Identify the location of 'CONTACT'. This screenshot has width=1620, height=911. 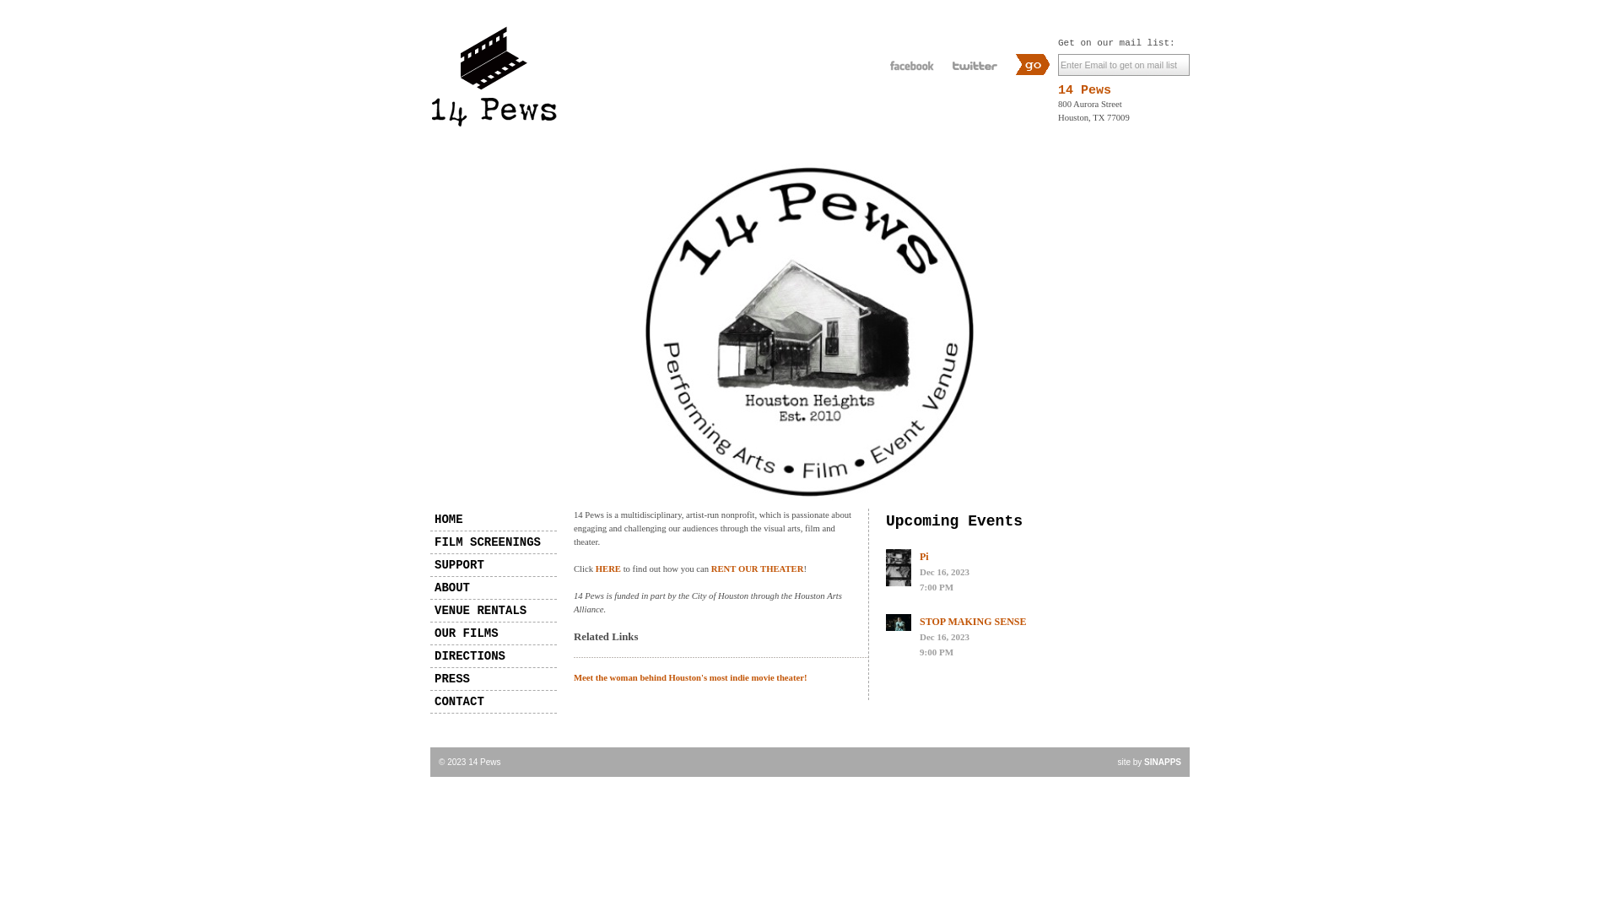
(493, 702).